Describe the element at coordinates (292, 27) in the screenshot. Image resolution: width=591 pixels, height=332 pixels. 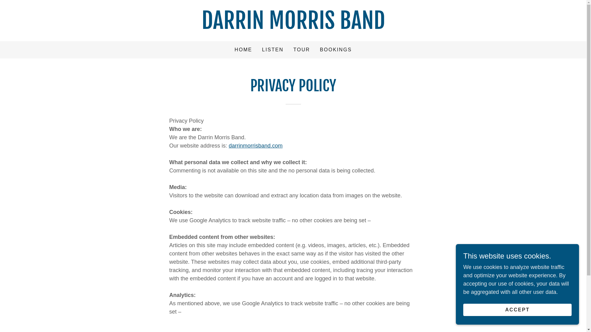
I see `'DARRIN MORRIS BAND'` at that location.